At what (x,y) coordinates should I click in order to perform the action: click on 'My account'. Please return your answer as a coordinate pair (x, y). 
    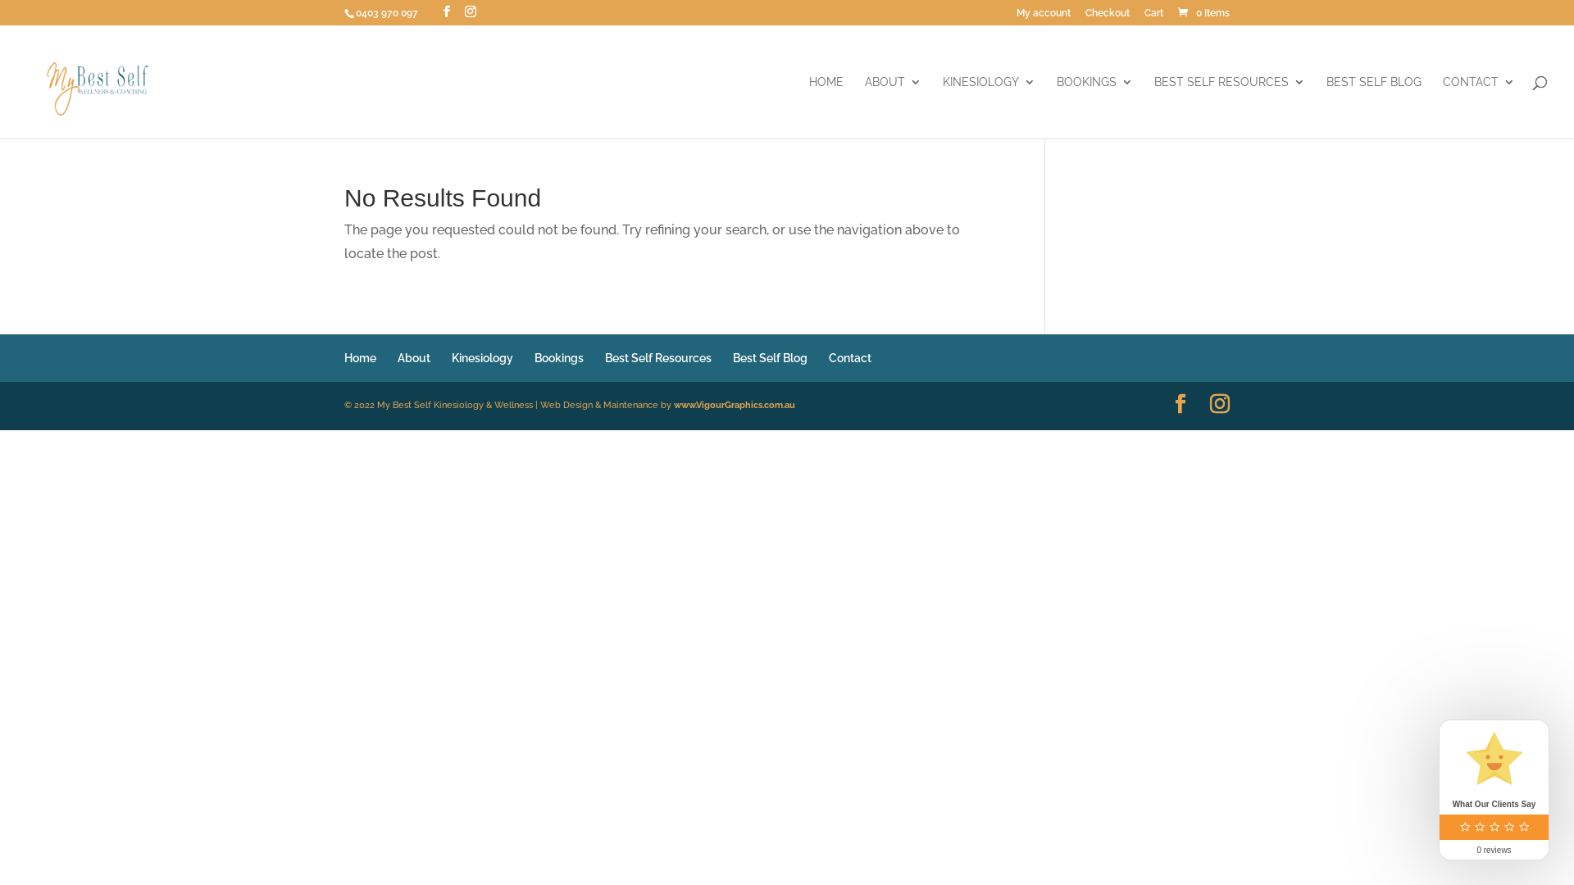
    Looking at the image, I should click on (1042, 16).